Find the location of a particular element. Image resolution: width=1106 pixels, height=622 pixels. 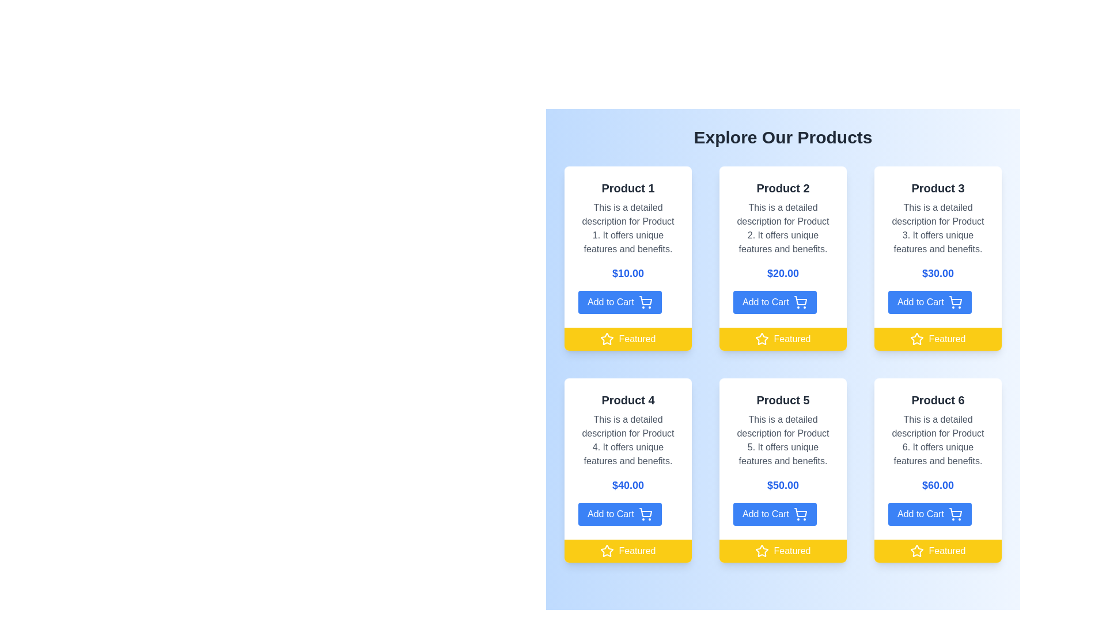

the static text block that describes the features and benefits of 'Product 4', located directly below the title within its card in the bottom-left section of the grid of products is located at coordinates (627, 440).